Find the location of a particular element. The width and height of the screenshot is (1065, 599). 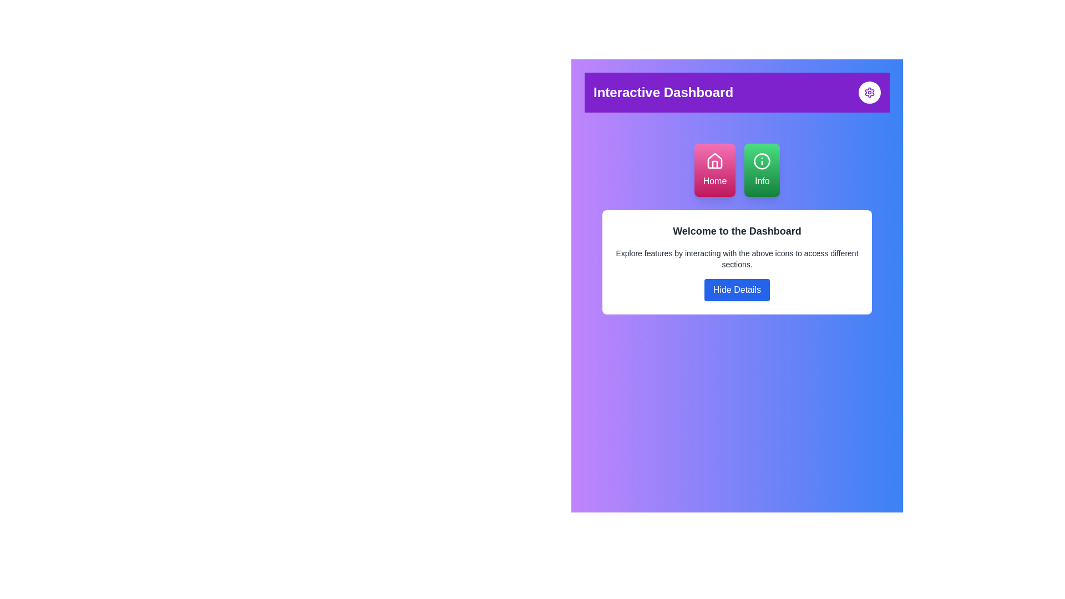

the house graphical icon that represents the 'Home' functionality located beneath the 'Interactive Dashboard' title is located at coordinates (715, 160).